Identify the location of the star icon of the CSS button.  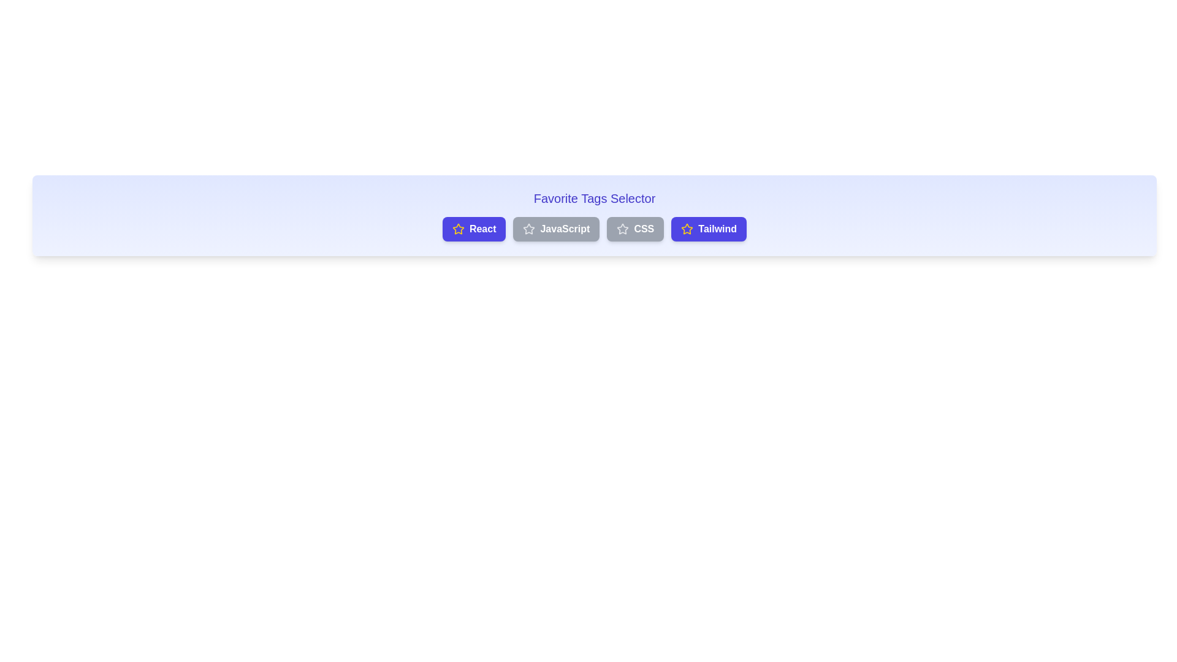
(623, 229).